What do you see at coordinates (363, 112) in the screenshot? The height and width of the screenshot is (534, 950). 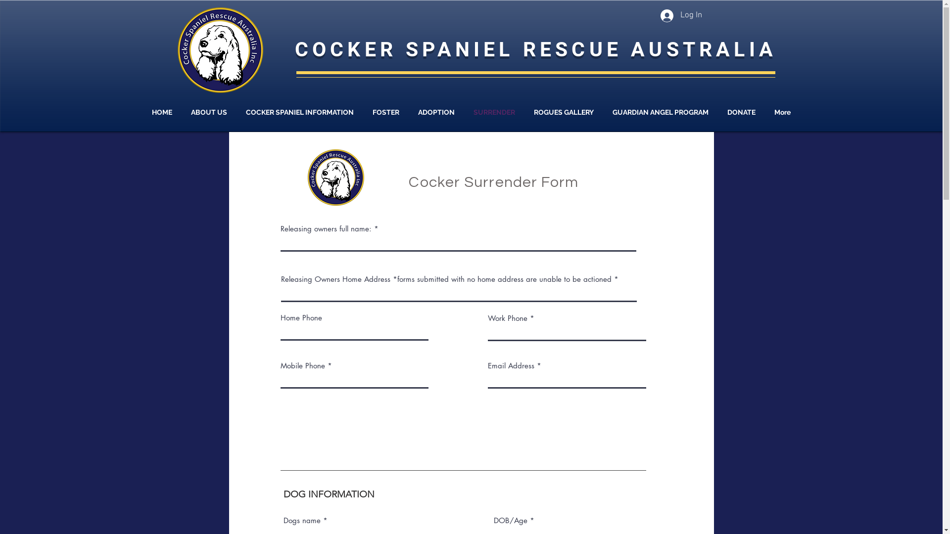 I see `'FOSTER'` at bounding box center [363, 112].